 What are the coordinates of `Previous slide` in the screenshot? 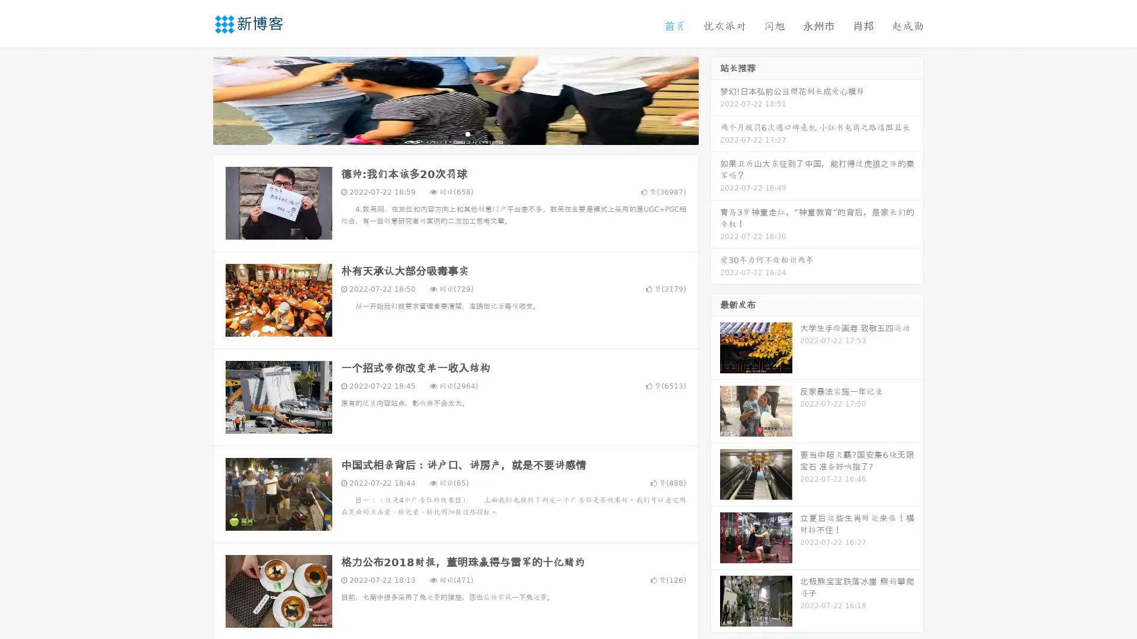 It's located at (195, 99).